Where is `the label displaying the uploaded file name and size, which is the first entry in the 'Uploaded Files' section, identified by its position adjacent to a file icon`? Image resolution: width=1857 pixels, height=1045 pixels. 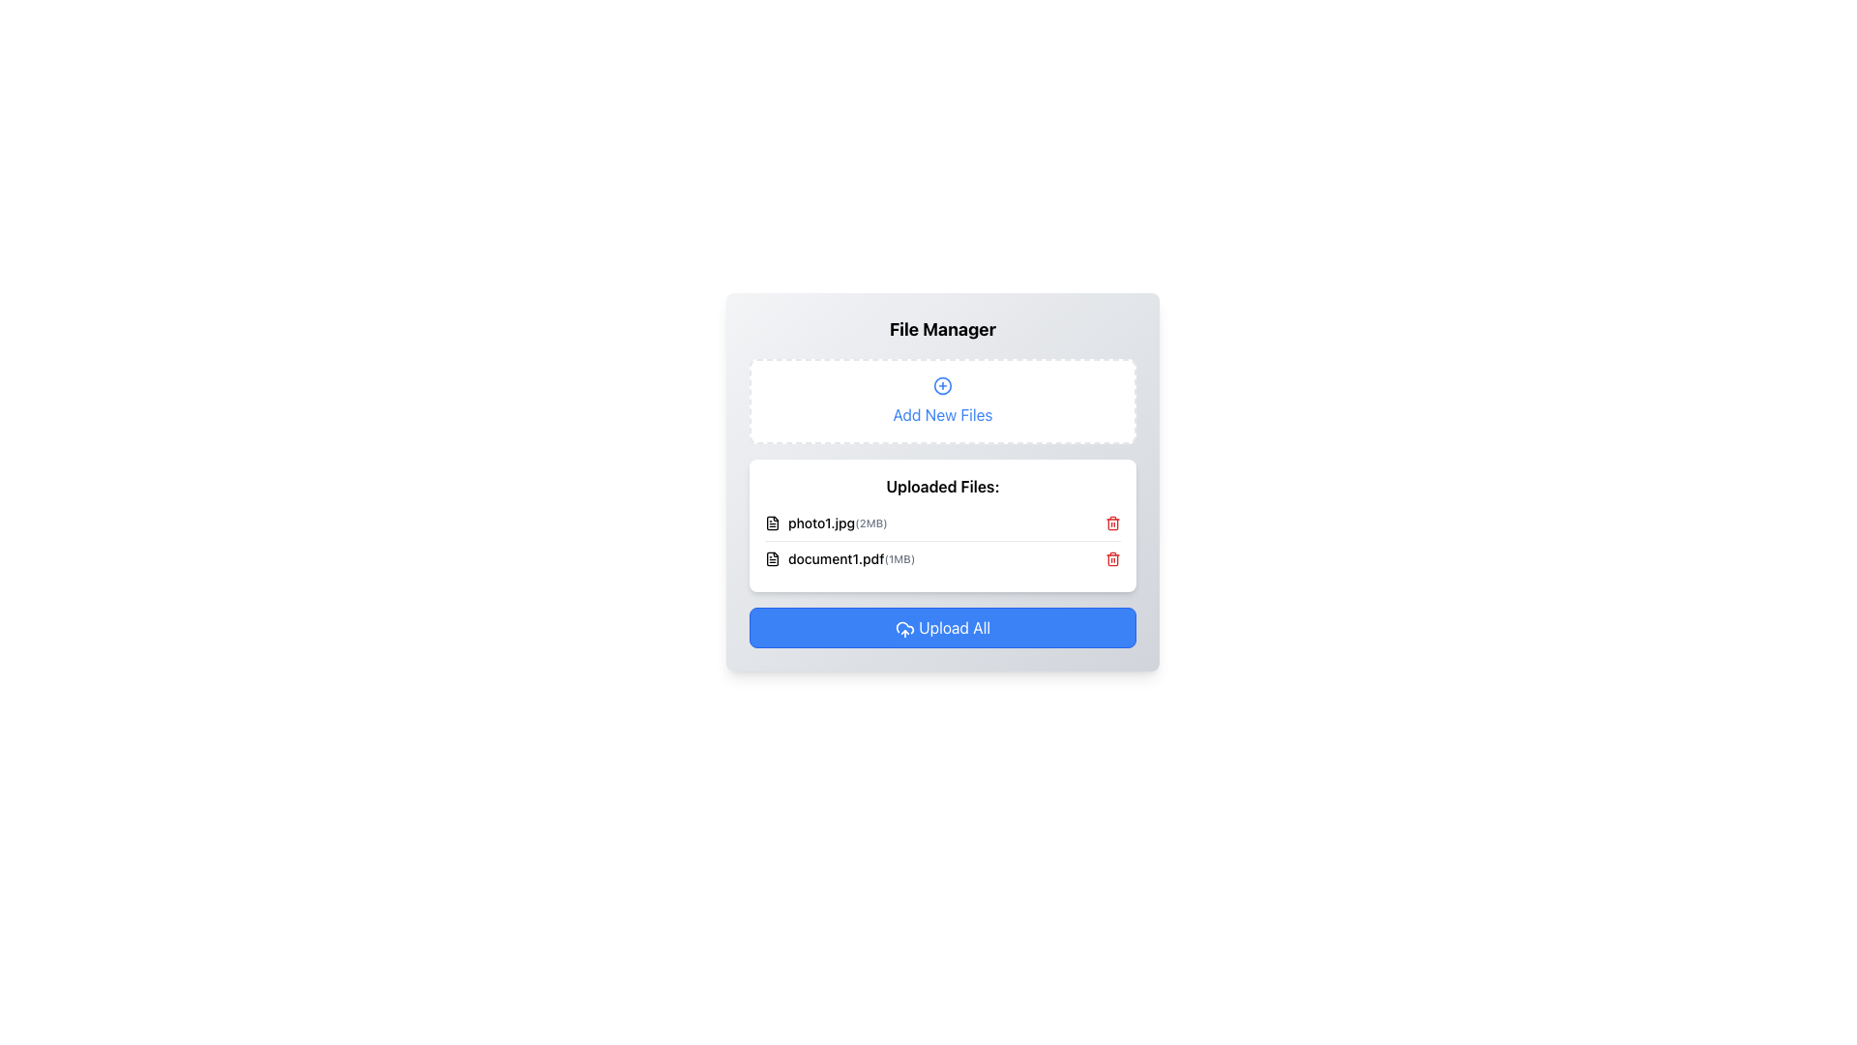
the label displaying the uploaded file name and size, which is the first entry in the 'Uploaded Files' section, identified by its position adjacent to a file icon is located at coordinates (838, 522).